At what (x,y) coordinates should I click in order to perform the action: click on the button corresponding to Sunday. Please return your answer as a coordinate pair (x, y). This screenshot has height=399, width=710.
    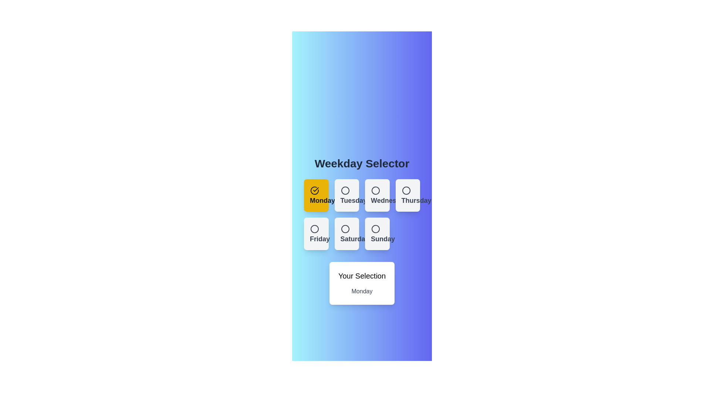
    Looking at the image, I should click on (377, 233).